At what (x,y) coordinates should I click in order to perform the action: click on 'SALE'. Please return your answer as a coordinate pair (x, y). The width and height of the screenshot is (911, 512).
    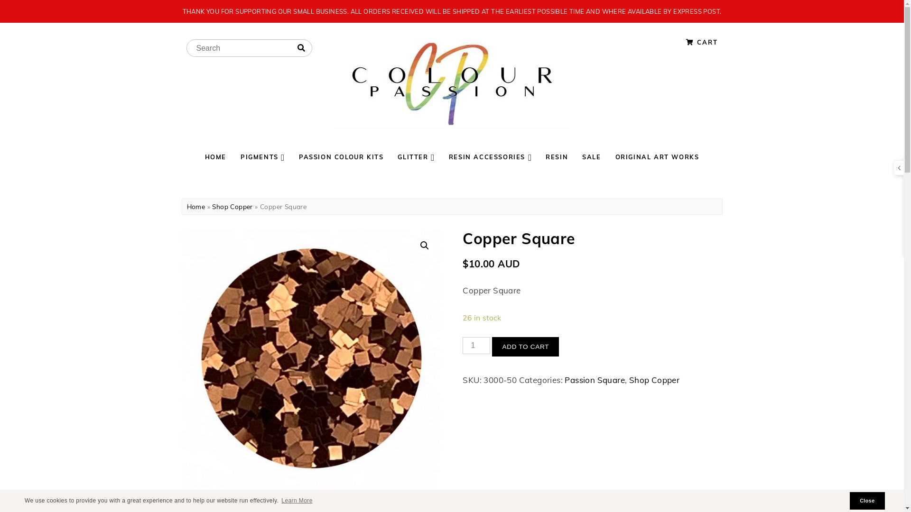
    Looking at the image, I should click on (591, 156).